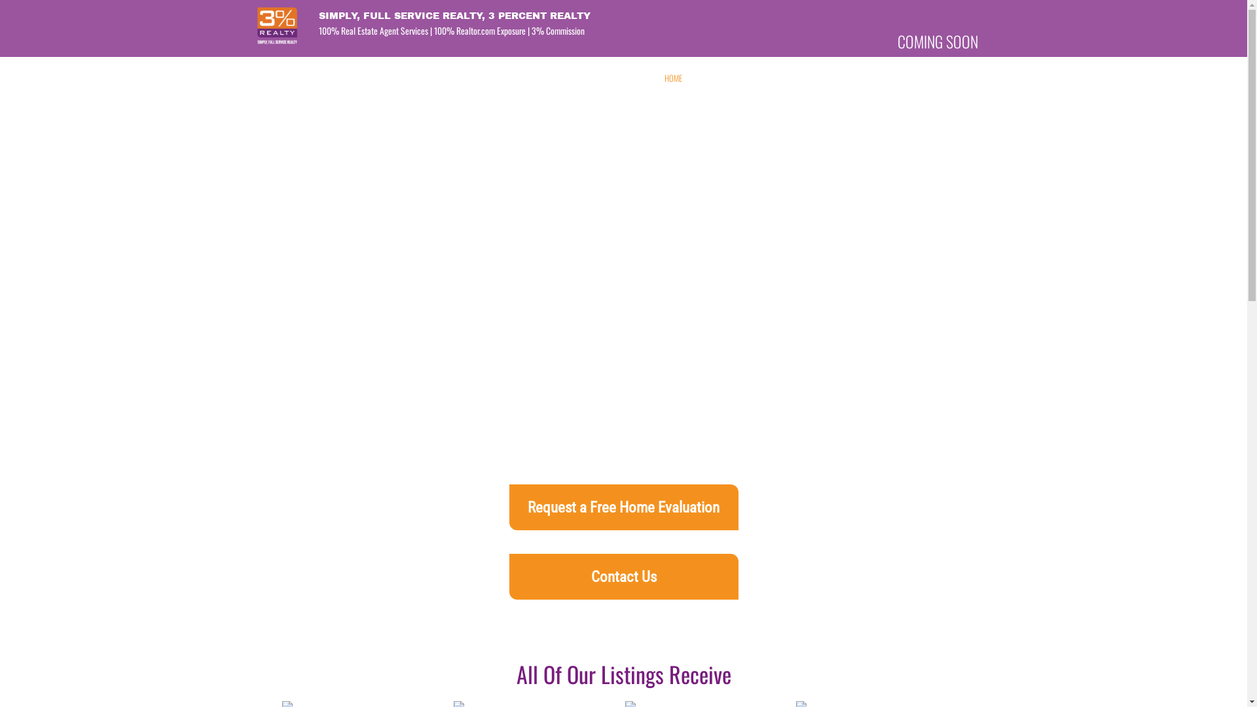 The image size is (1257, 707). I want to click on 'ABOUT 3% REALTY', so click(737, 78).